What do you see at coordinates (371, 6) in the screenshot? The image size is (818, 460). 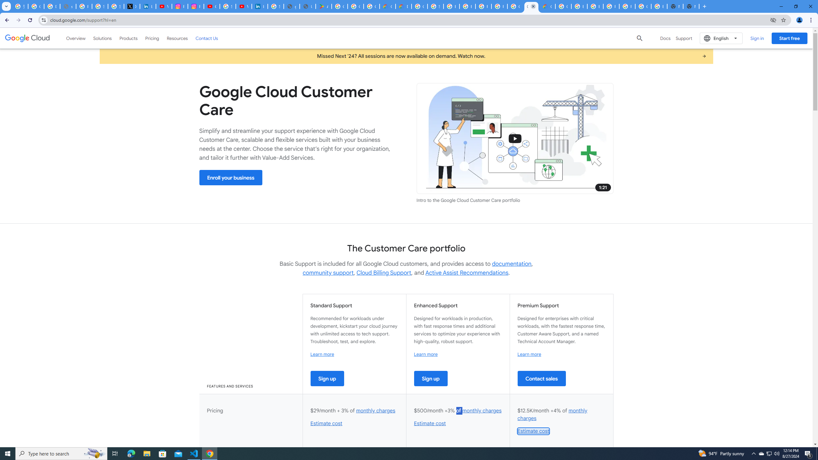 I see `'Google Workspace - Specific Terms'` at bounding box center [371, 6].